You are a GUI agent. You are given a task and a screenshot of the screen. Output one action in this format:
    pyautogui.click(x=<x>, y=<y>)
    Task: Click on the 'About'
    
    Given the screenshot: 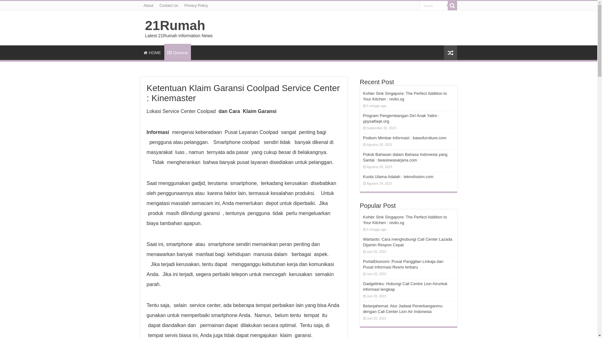 What is the action you would take?
    pyautogui.click(x=148, y=6)
    